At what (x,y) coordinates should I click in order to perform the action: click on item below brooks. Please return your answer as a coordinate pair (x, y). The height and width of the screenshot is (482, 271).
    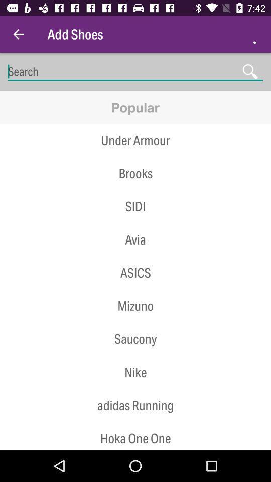
    Looking at the image, I should click on (135, 189).